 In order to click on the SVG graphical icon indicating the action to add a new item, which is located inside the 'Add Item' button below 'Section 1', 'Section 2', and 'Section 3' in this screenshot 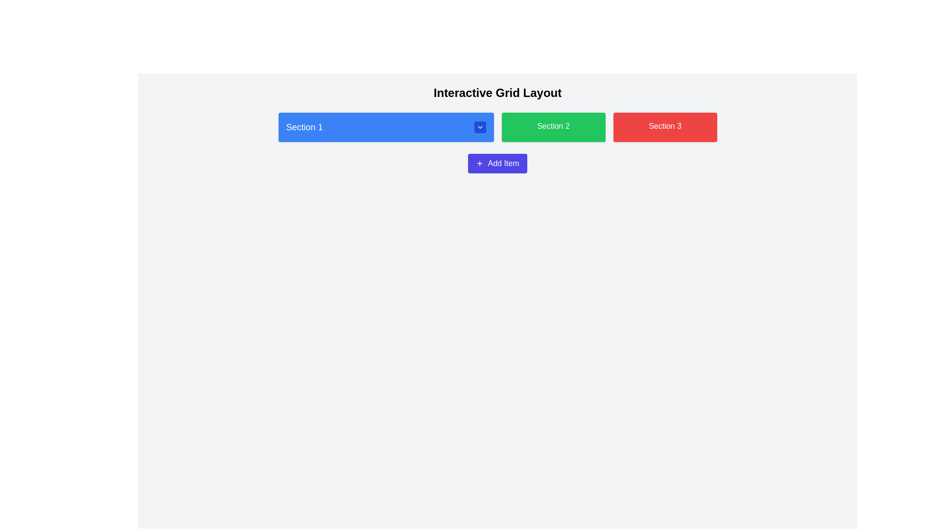, I will do `click(480, 163)`.